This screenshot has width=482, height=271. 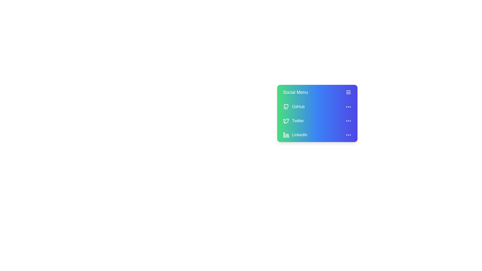 I want to click on the Twitter item in the menu to navigate to its respective link, so click(x=298, y=121).